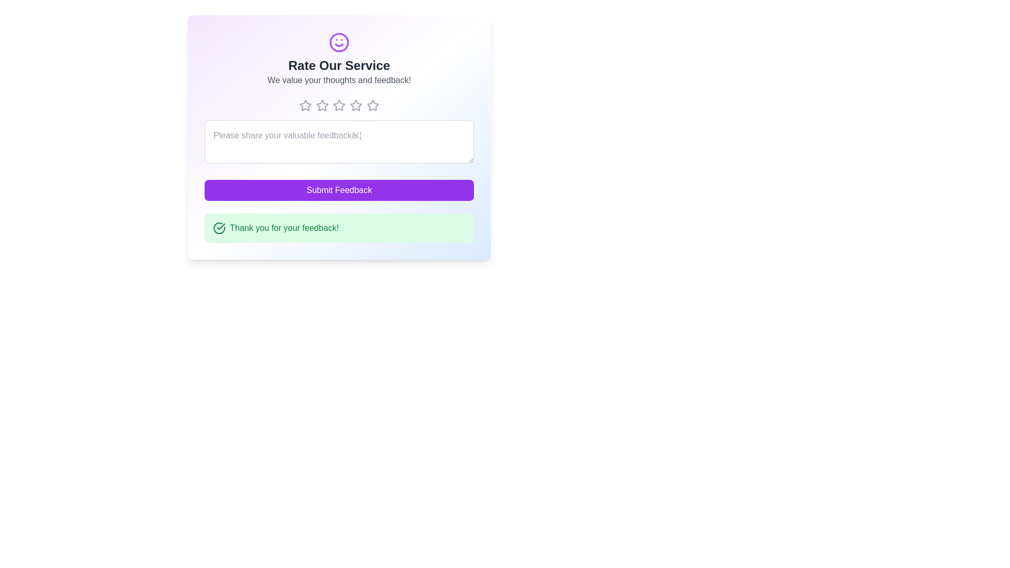  I want to click on the first star icon used for rating, located centrally below the text 'Rate Our Service', so click(305, 105).